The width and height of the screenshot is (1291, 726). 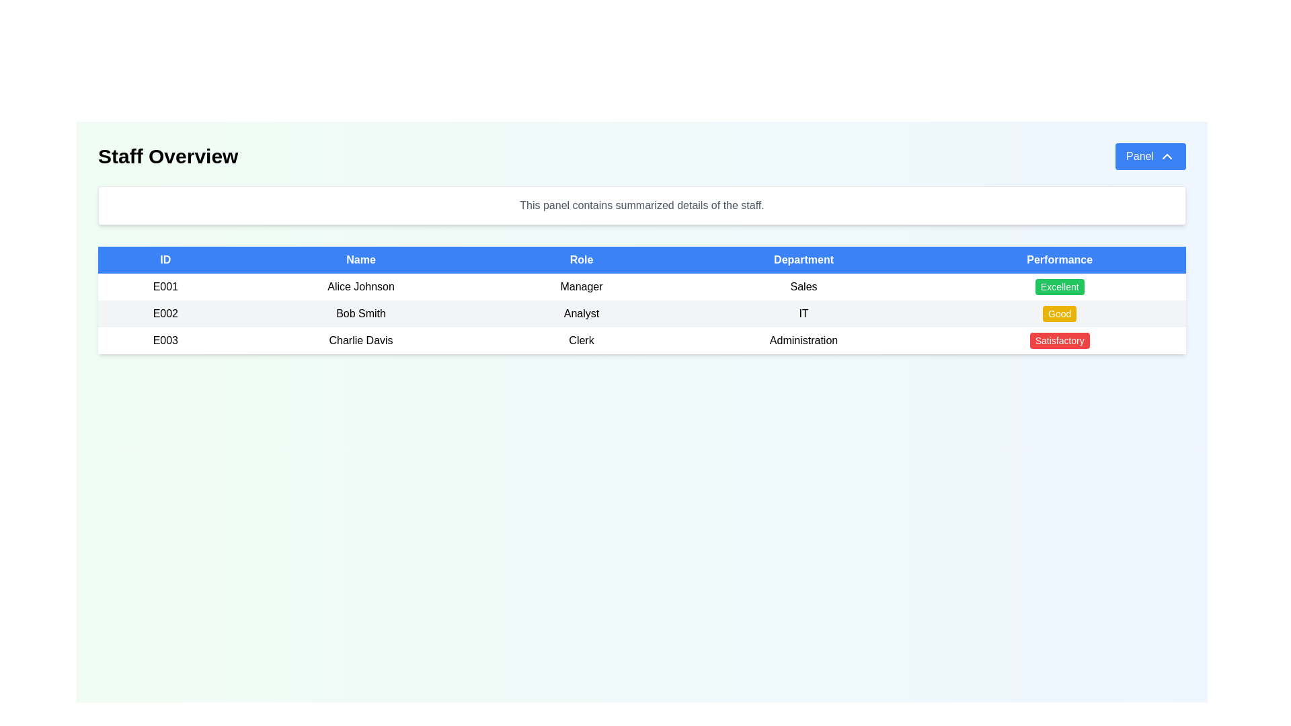 What do you see at coordinates (804, 259) in the screenshot?
I see `the Table Column Header with the blue background and white text that displays 'Department', which is the fourth column header in the table` at bounding box center [804, 259].